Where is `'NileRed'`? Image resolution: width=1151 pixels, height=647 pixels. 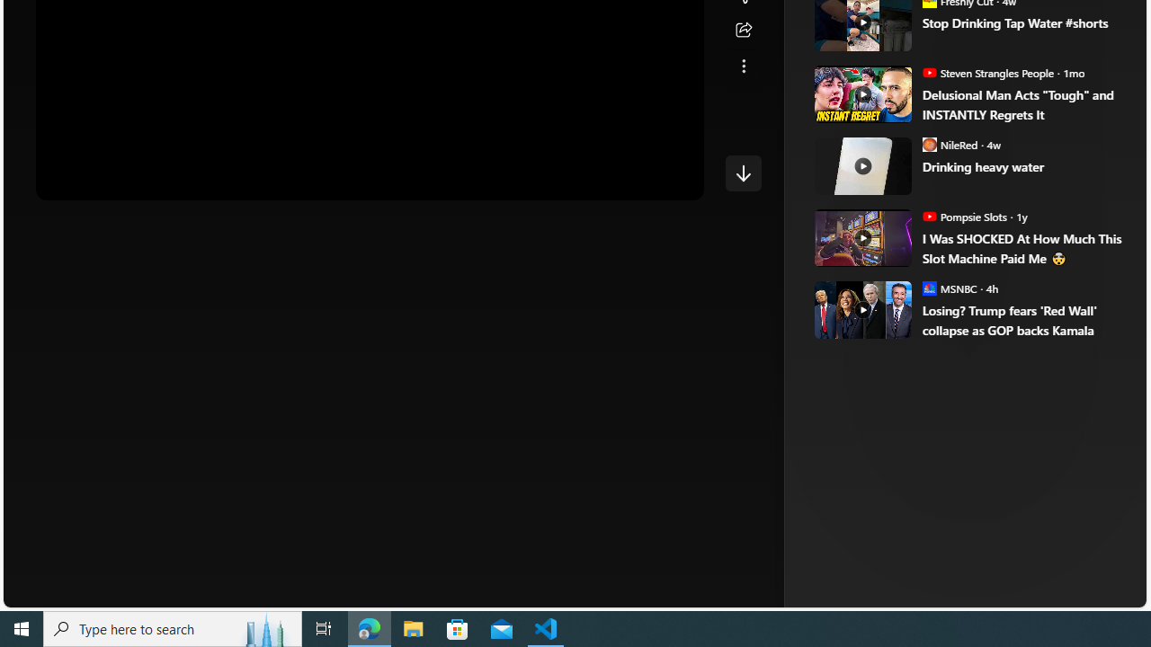
'NileRed' is located at coordinates (929, 143).